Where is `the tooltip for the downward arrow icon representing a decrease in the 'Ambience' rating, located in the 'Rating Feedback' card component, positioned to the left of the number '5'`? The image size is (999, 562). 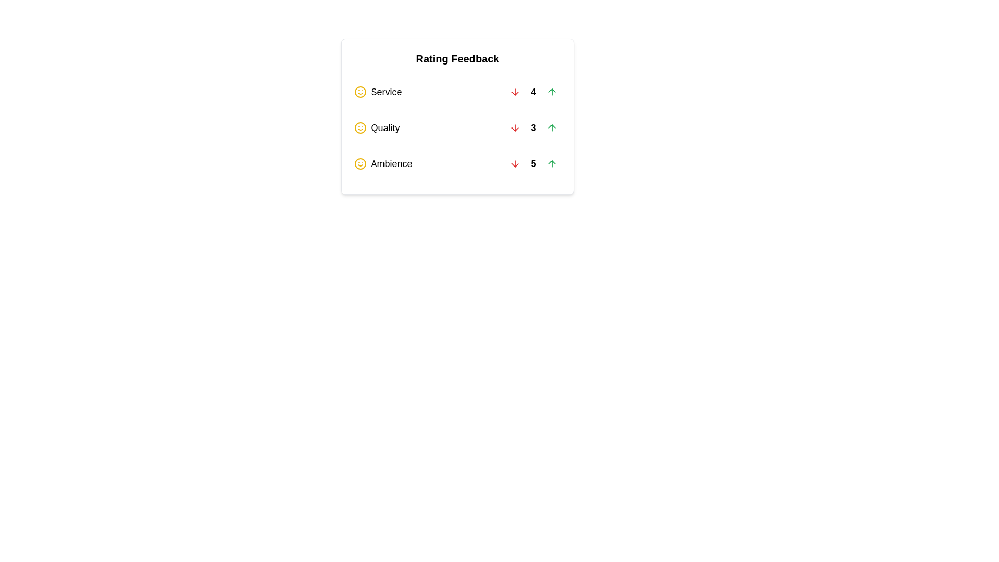
the tooltip for the downward arrow icon representing a decrease in the 'Ambience' rating, located in the 'Rating Feedback' card component, positioned to the left of the number '5' is located at coordinates (515, 164).